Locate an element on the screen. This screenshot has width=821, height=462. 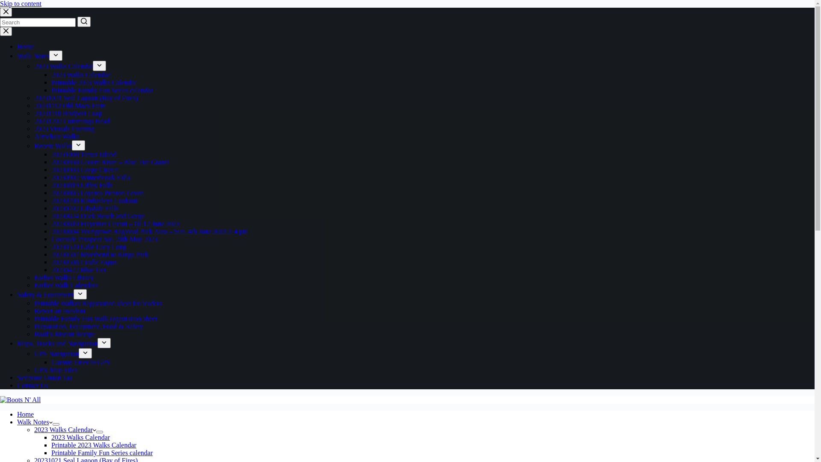
'GPX Map Files' is located at coordinates (55, 369).